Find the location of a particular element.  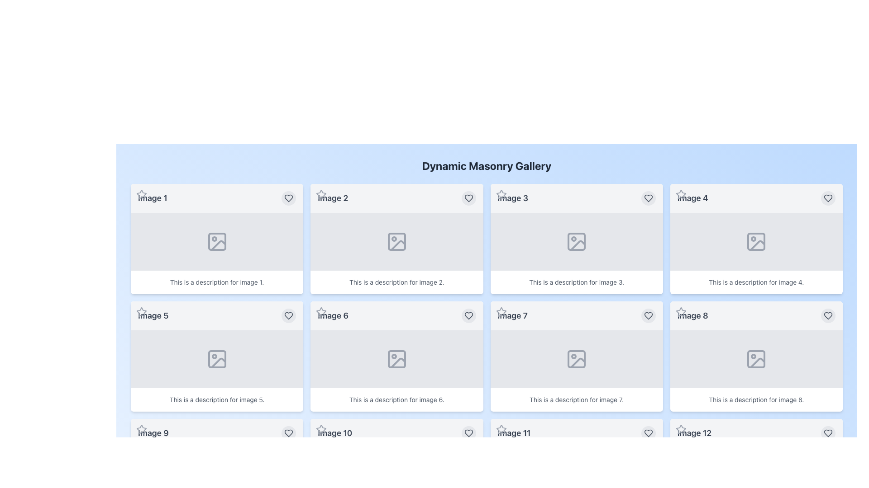

the text label that reads 'This is a description for image 6.' located at the bottom of the sixth card in the grid layout is located at coordinates (396, 399).